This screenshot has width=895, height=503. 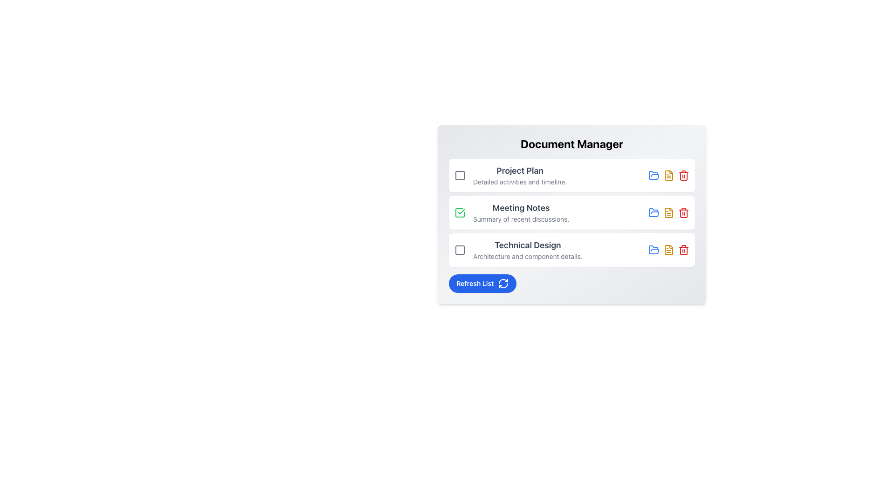 What do you see at coordinates (668, 249) in the screenshot?
I see `the second icon from the right in the third item of a vertical list` at bounding box center [668, 249].